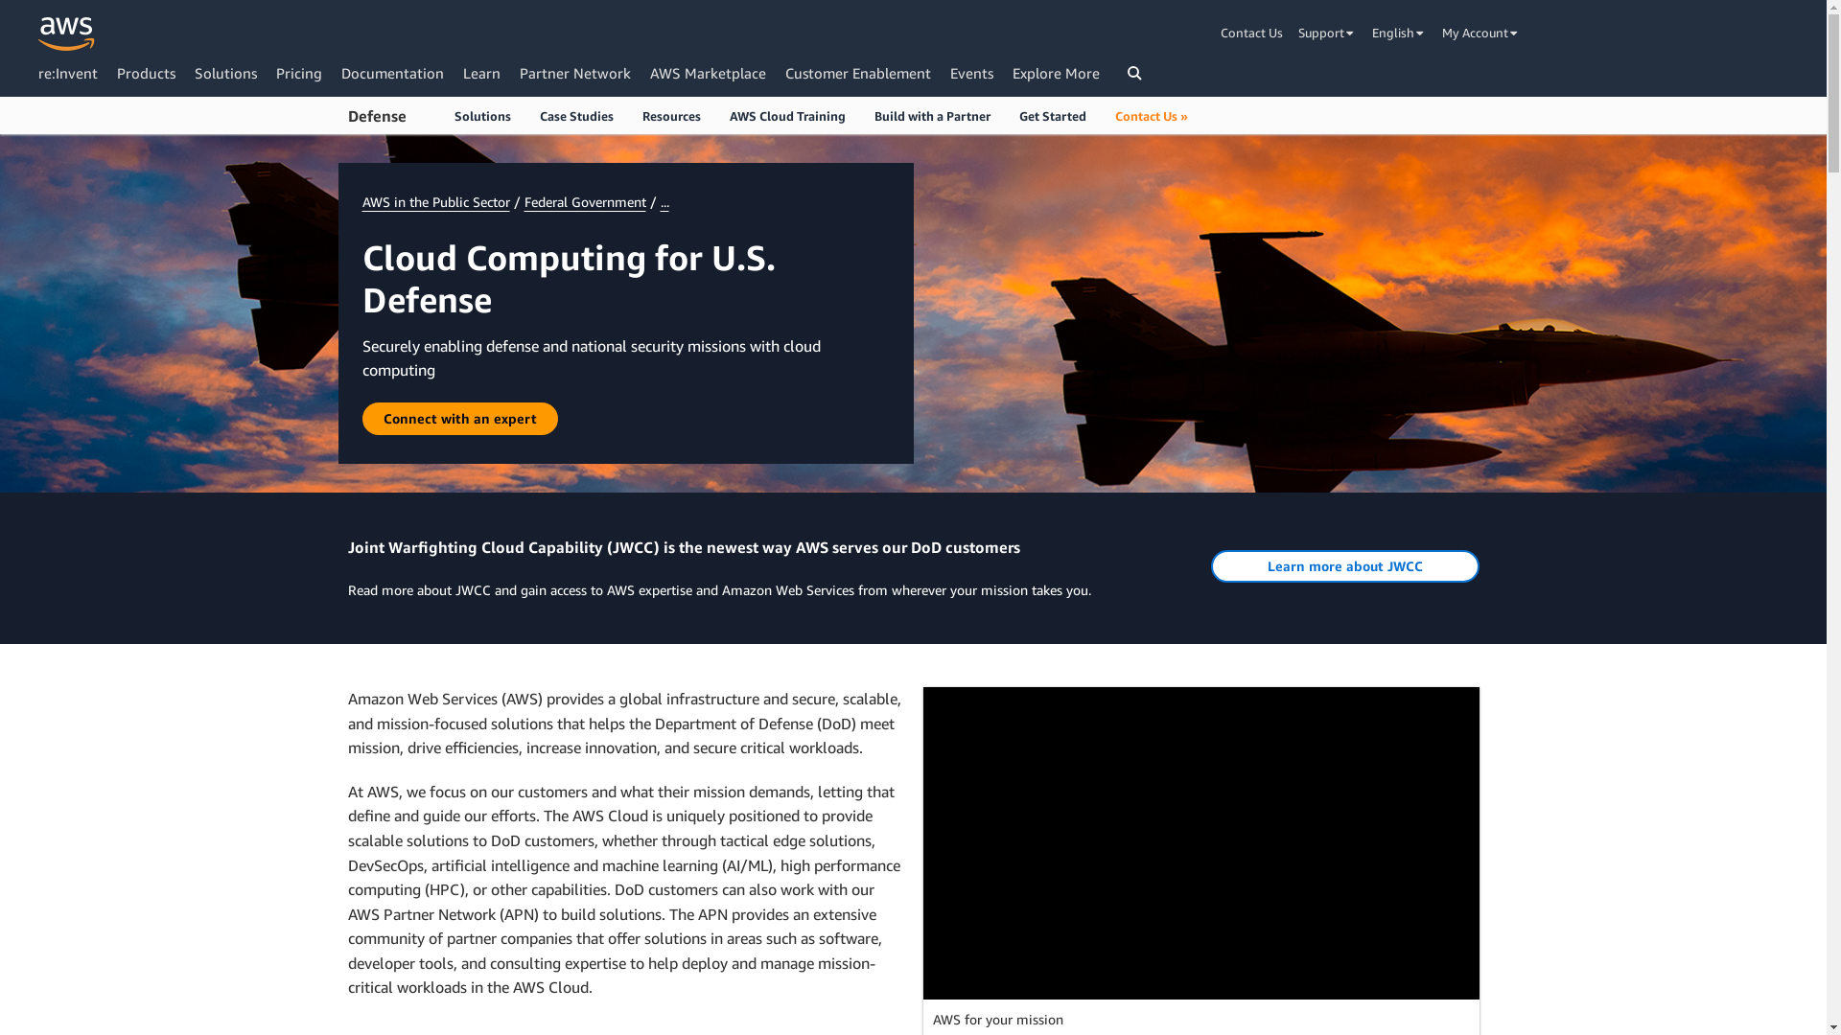 This screenshot has width=1841, height=1035. What do you see at coordinates (145, 72) in the screenshot?
I see `'Products'` at bounding box center [145, 72].